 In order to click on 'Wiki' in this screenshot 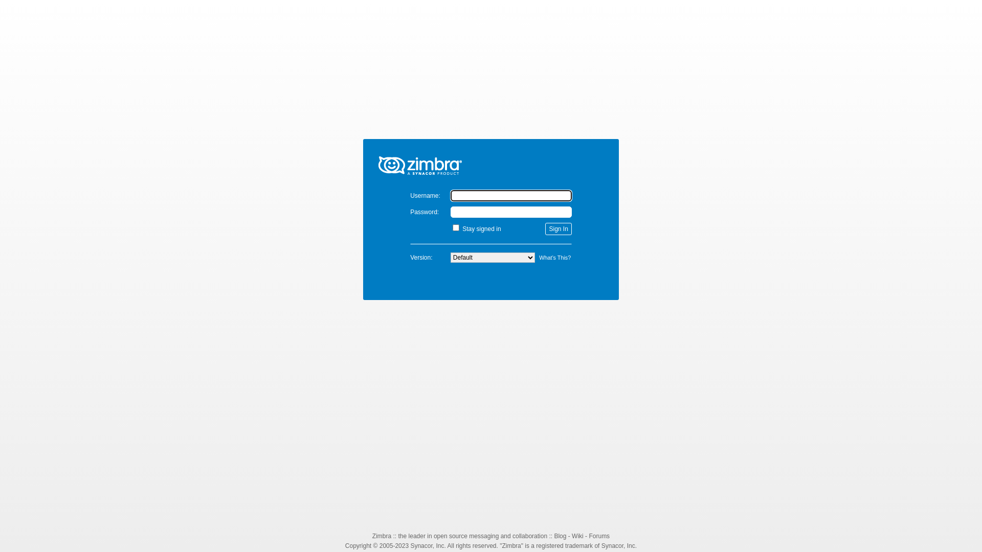, I will do `click(577, 536)`.